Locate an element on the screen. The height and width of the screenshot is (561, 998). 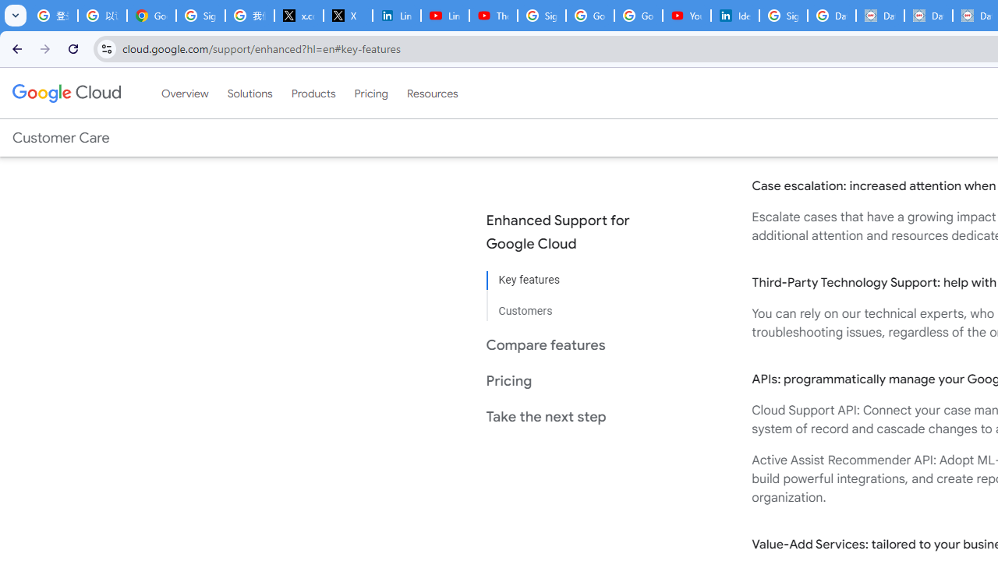
'Pricing' is located at coordinates (370, 93).